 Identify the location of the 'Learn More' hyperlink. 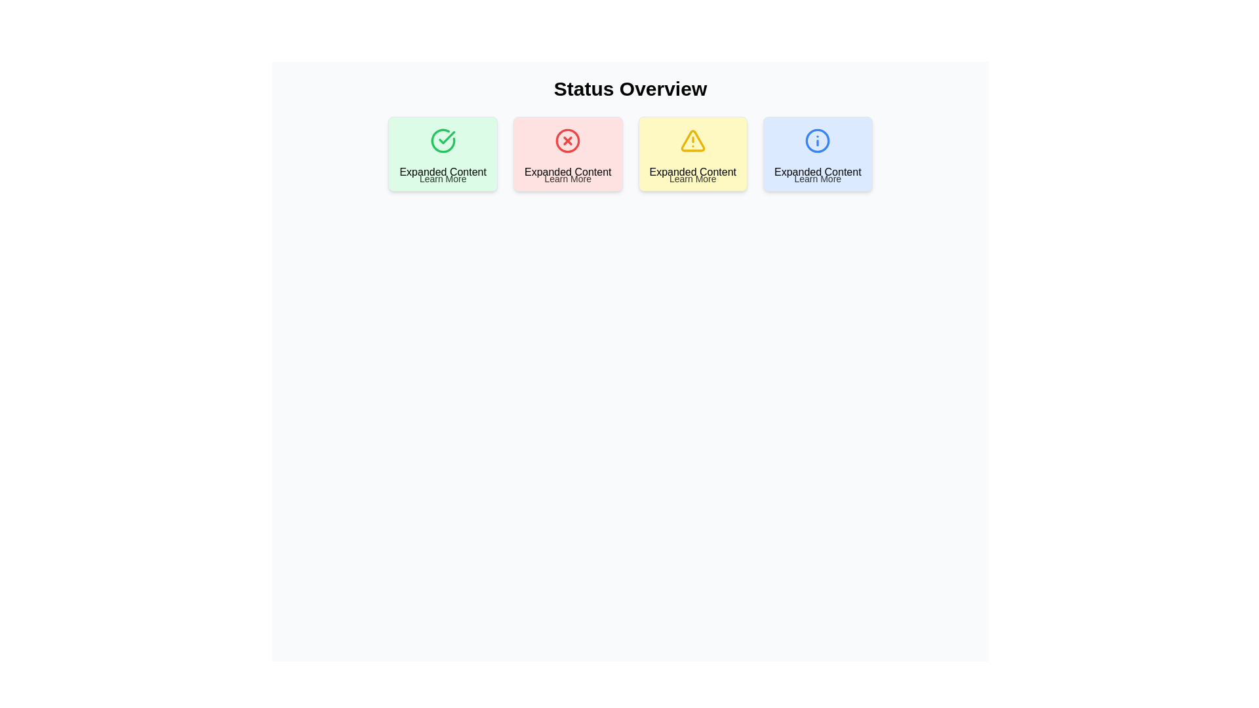
(817, 179).